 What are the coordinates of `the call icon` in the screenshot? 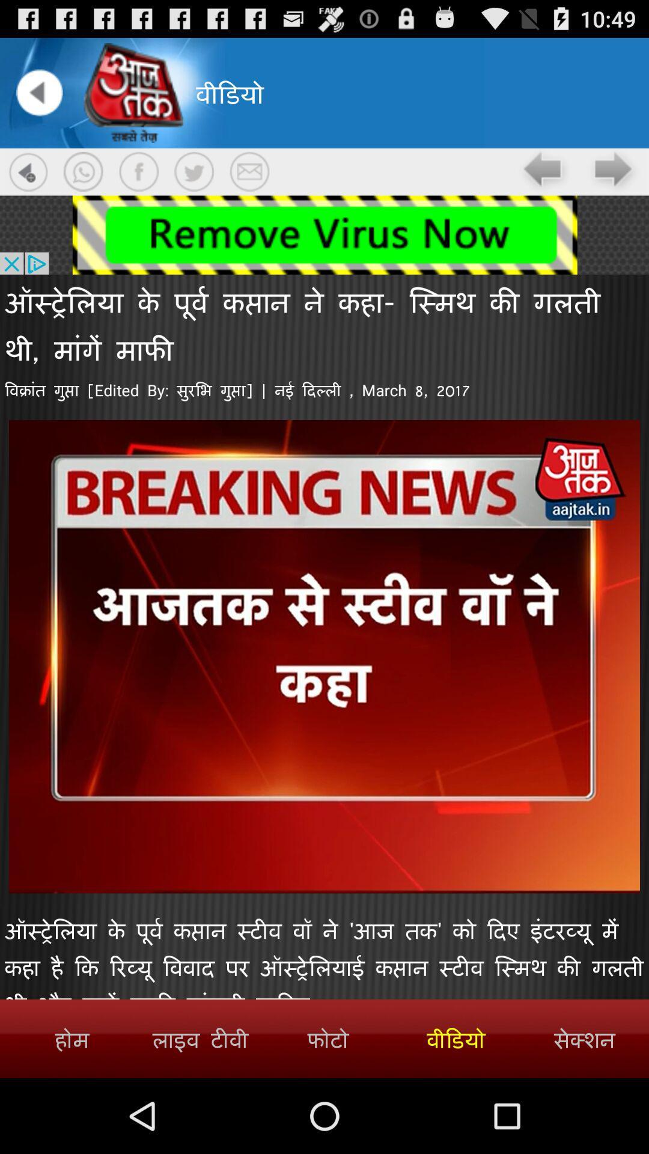 It's located at (82, 183).